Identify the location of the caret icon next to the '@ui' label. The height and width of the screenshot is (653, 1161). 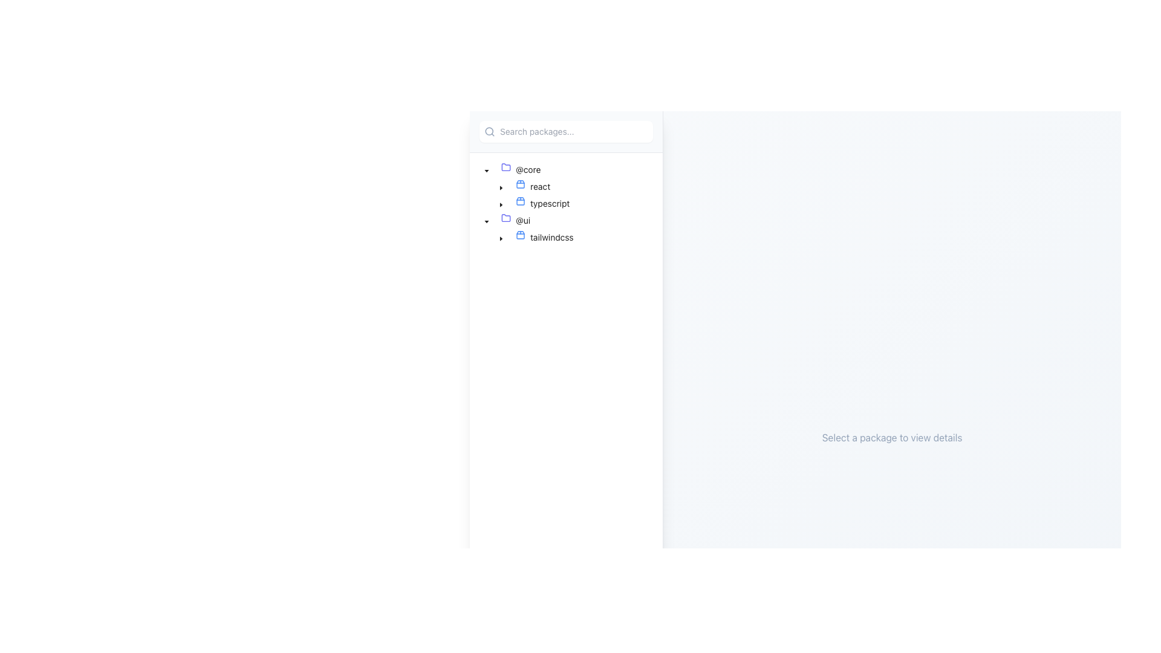
(487, 171).